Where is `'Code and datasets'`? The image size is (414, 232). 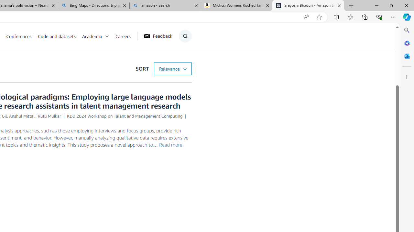
'Code and datasets' is located at coordinates (57, 36).